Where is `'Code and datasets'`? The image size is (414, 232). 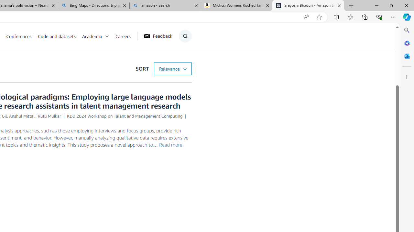
'Code and datasets' is located at coordinates (57, 36).